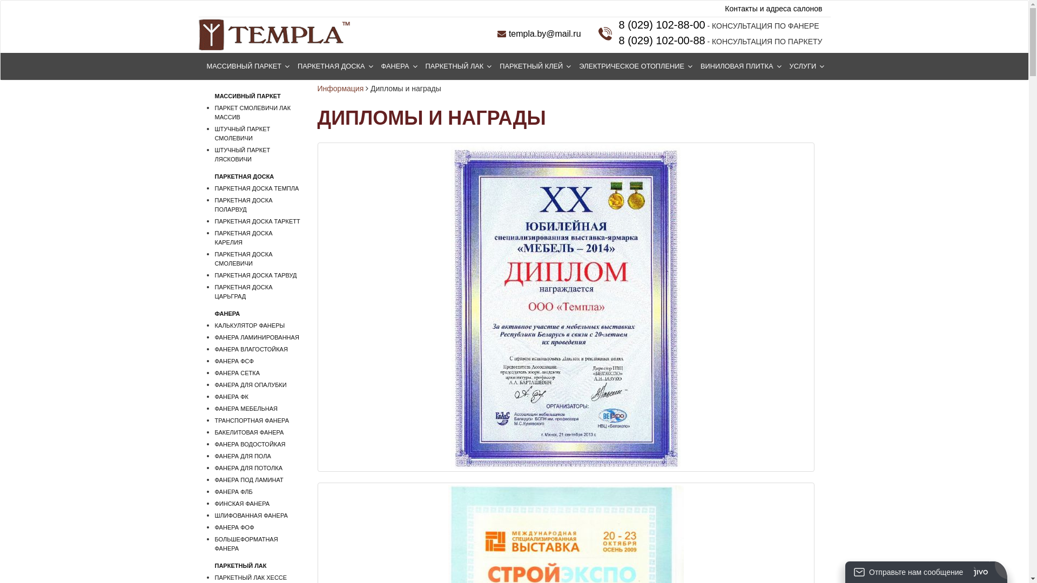 The height and width of the screenshot is (583, 1037). I want to click on '8 (029) 102-88-00', so click(661, 24).